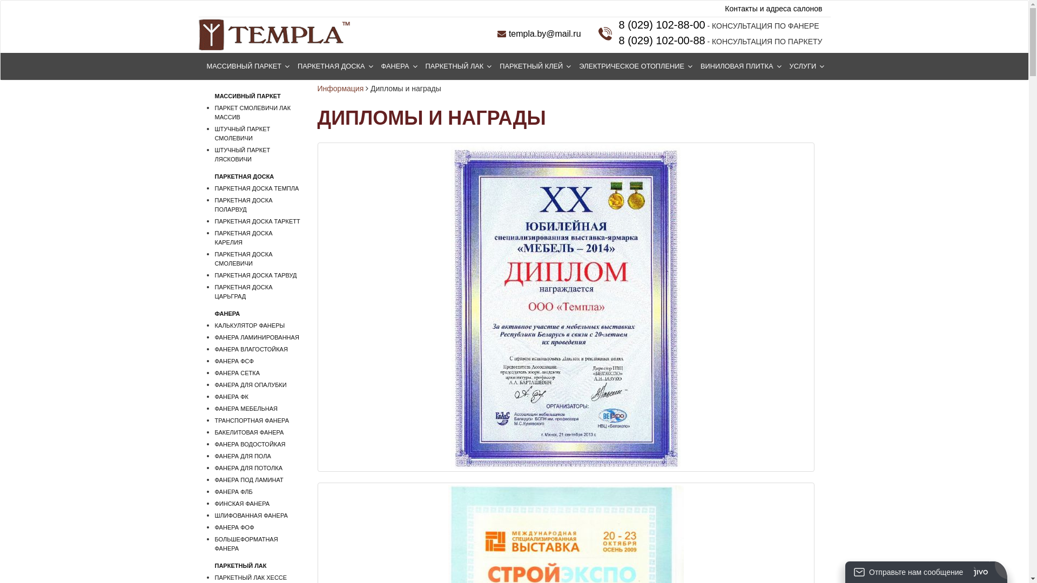 The height and width of the screenshot is (583, 1037). I want to click on '8 (029) 102-88-00', so click(661, 24).